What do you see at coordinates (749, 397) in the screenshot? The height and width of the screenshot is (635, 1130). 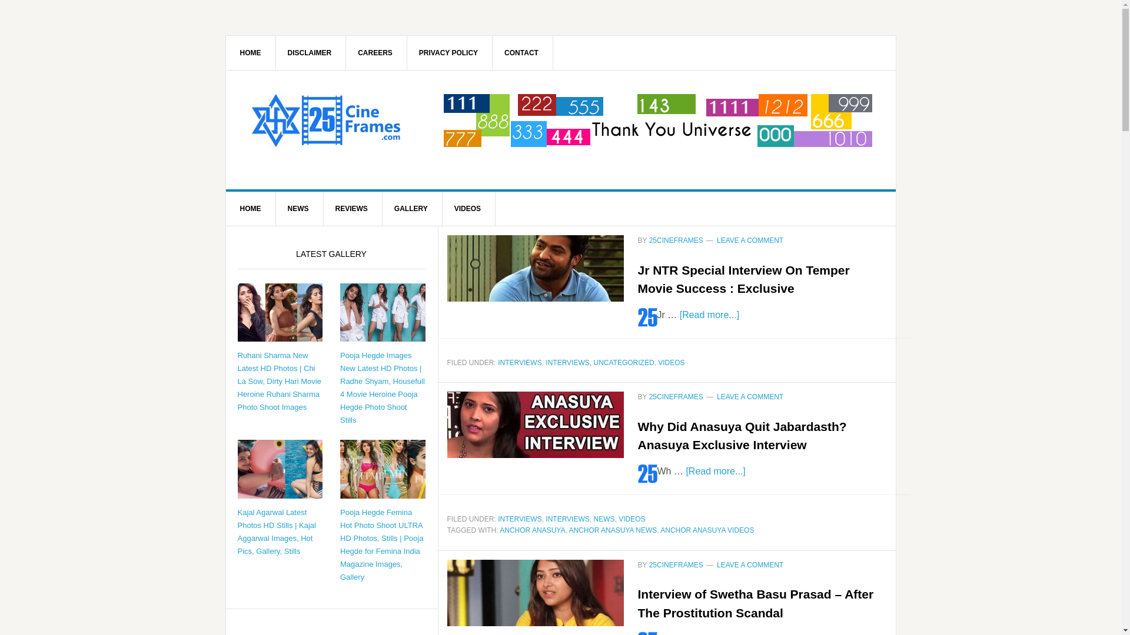 I see `'LEAVE A COMMENT'` at bounding box center [749, 397].